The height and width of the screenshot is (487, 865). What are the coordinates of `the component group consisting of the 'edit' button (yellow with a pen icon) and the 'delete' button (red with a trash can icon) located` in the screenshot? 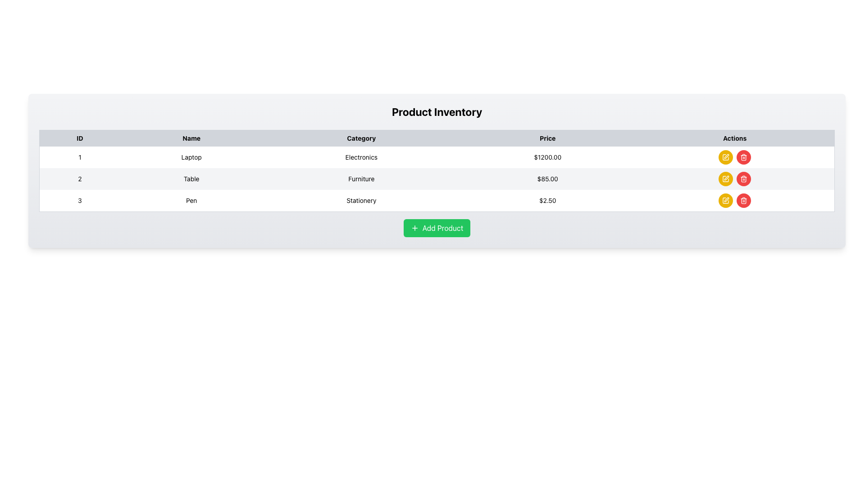 It's located at (735, 179).